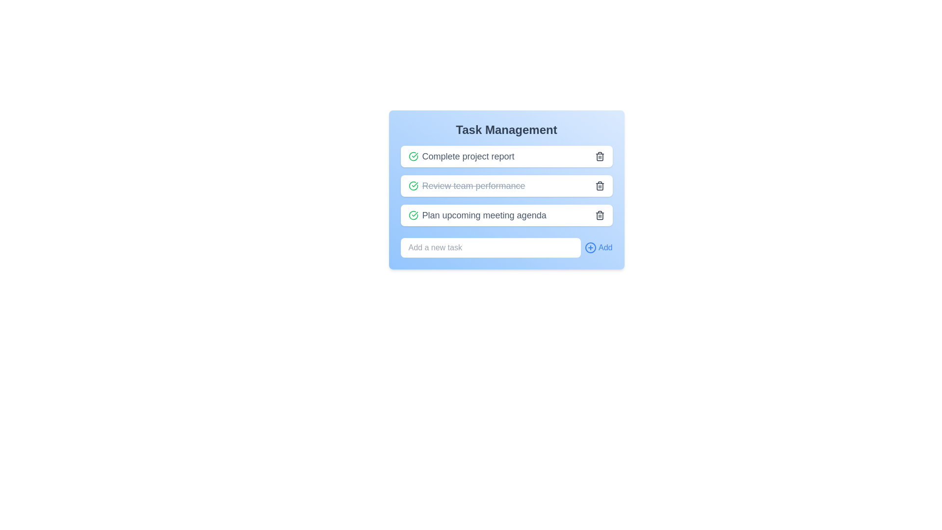  Describe the element at coordinates (599, 185) in the screenshot. I see `the delete button icon located at the right edge of the second task labeled 'Review team performance'` at that location.